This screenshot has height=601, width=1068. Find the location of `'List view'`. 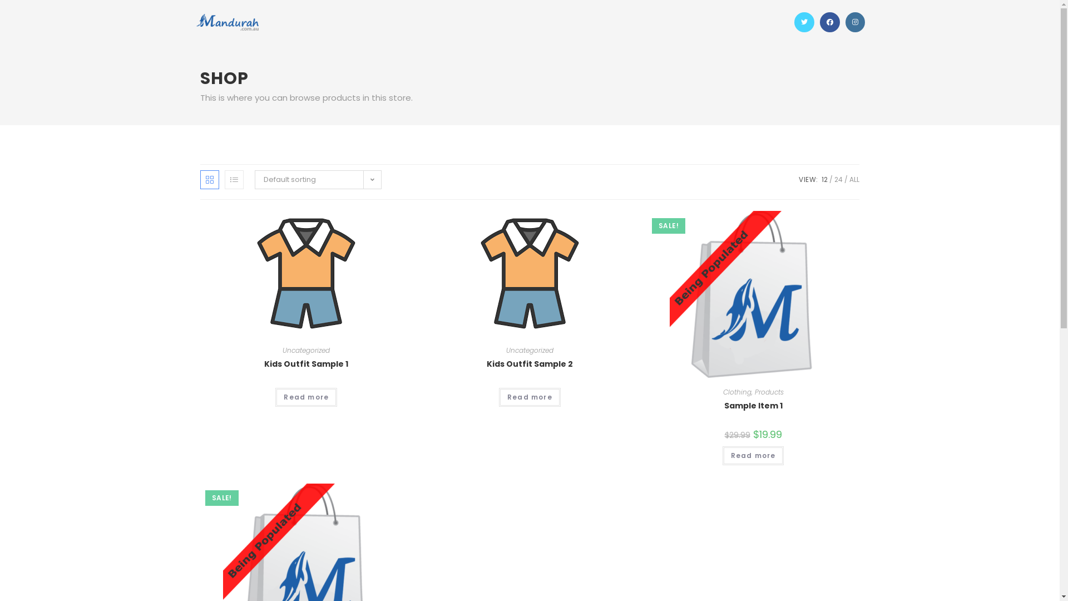

'List view' is located at coordinates (234, 179).